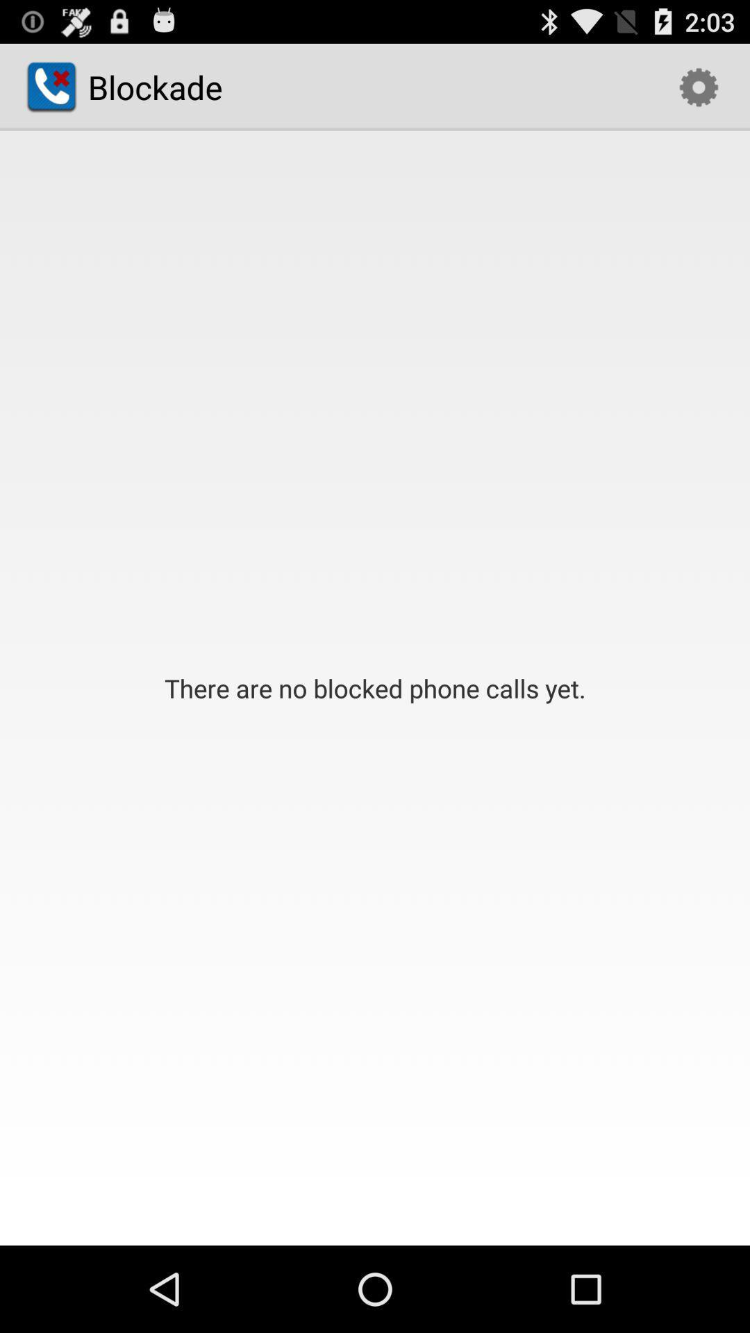 This screenshot has width=750, height=1333. Describe the element at coordinates (699, 86) in the screenshot. I see `the item above the there are no app` at that location.